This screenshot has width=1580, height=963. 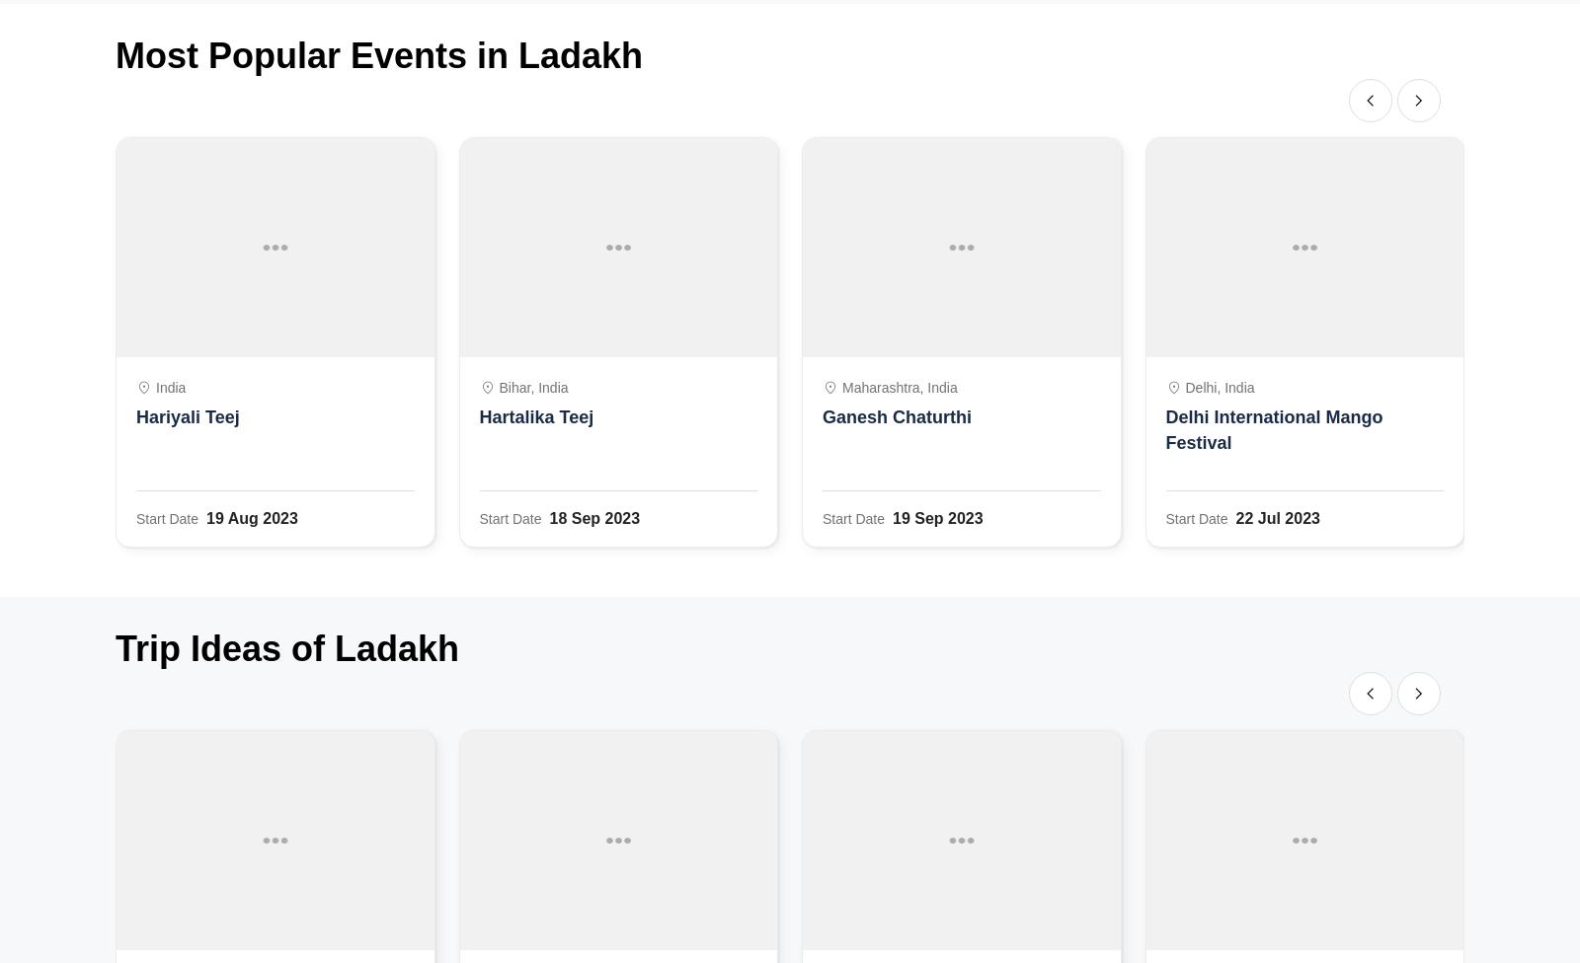 What do you see at coordinates (1276, 518) in the screenshot?
I see `'22 Jul 2023'` at bounding box center [1276, 518].